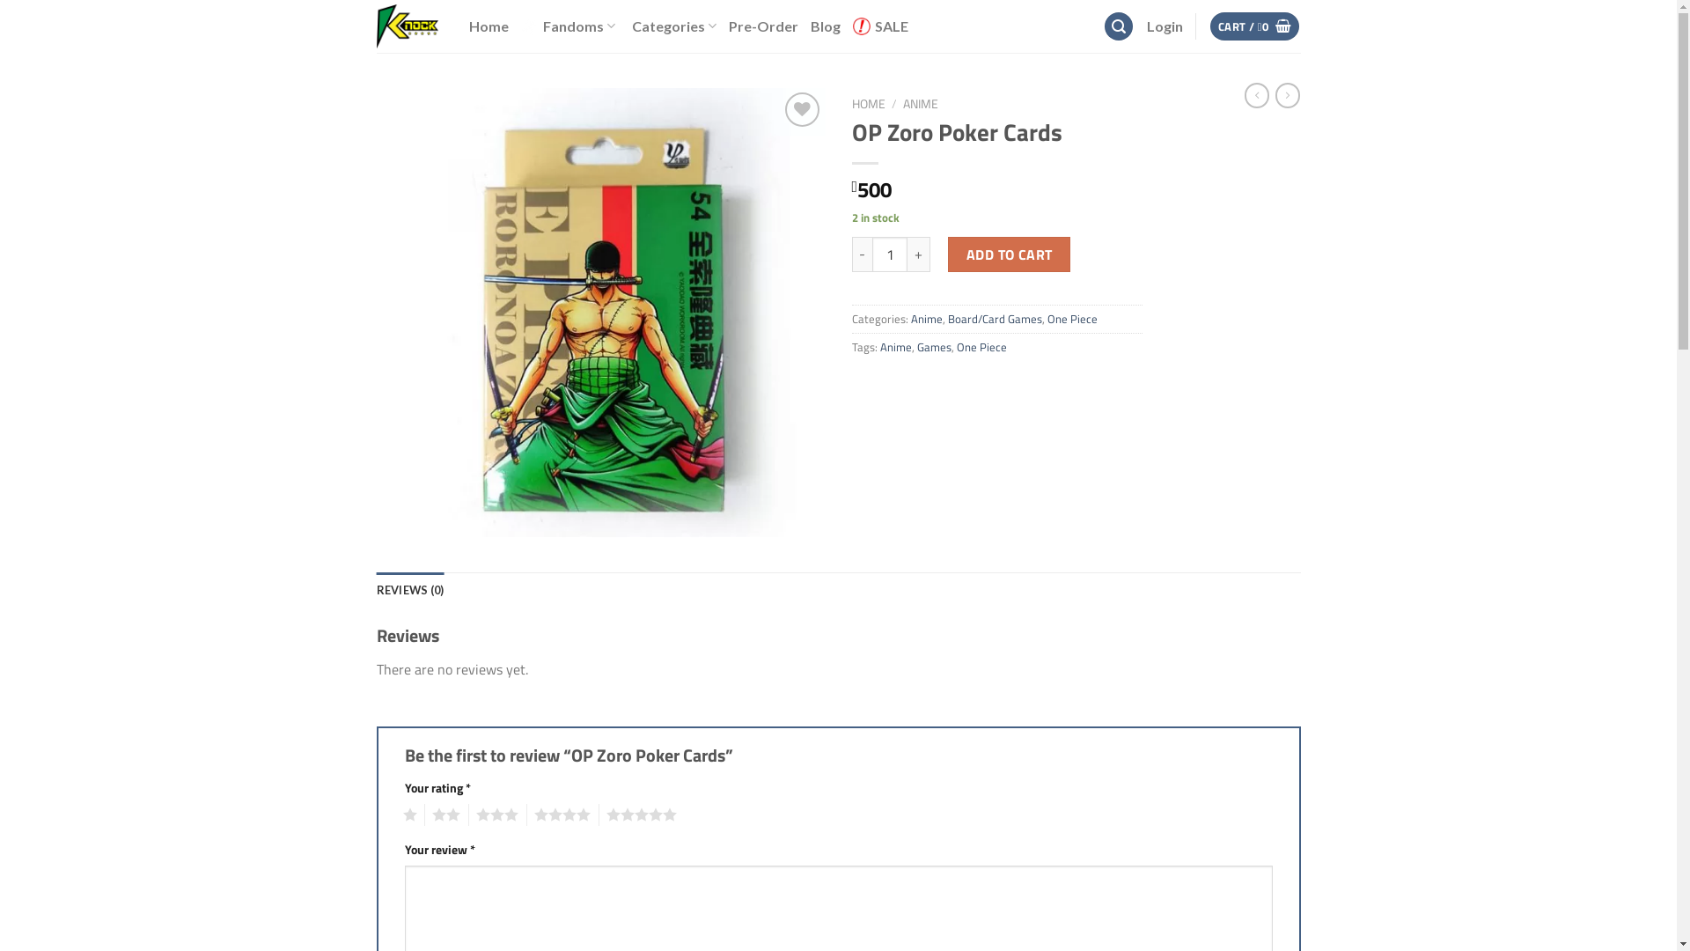  What do you see at coordinates (763, 26) in the screenshot?
I see `'Pre-Order'` at bounding box center [763, 26].